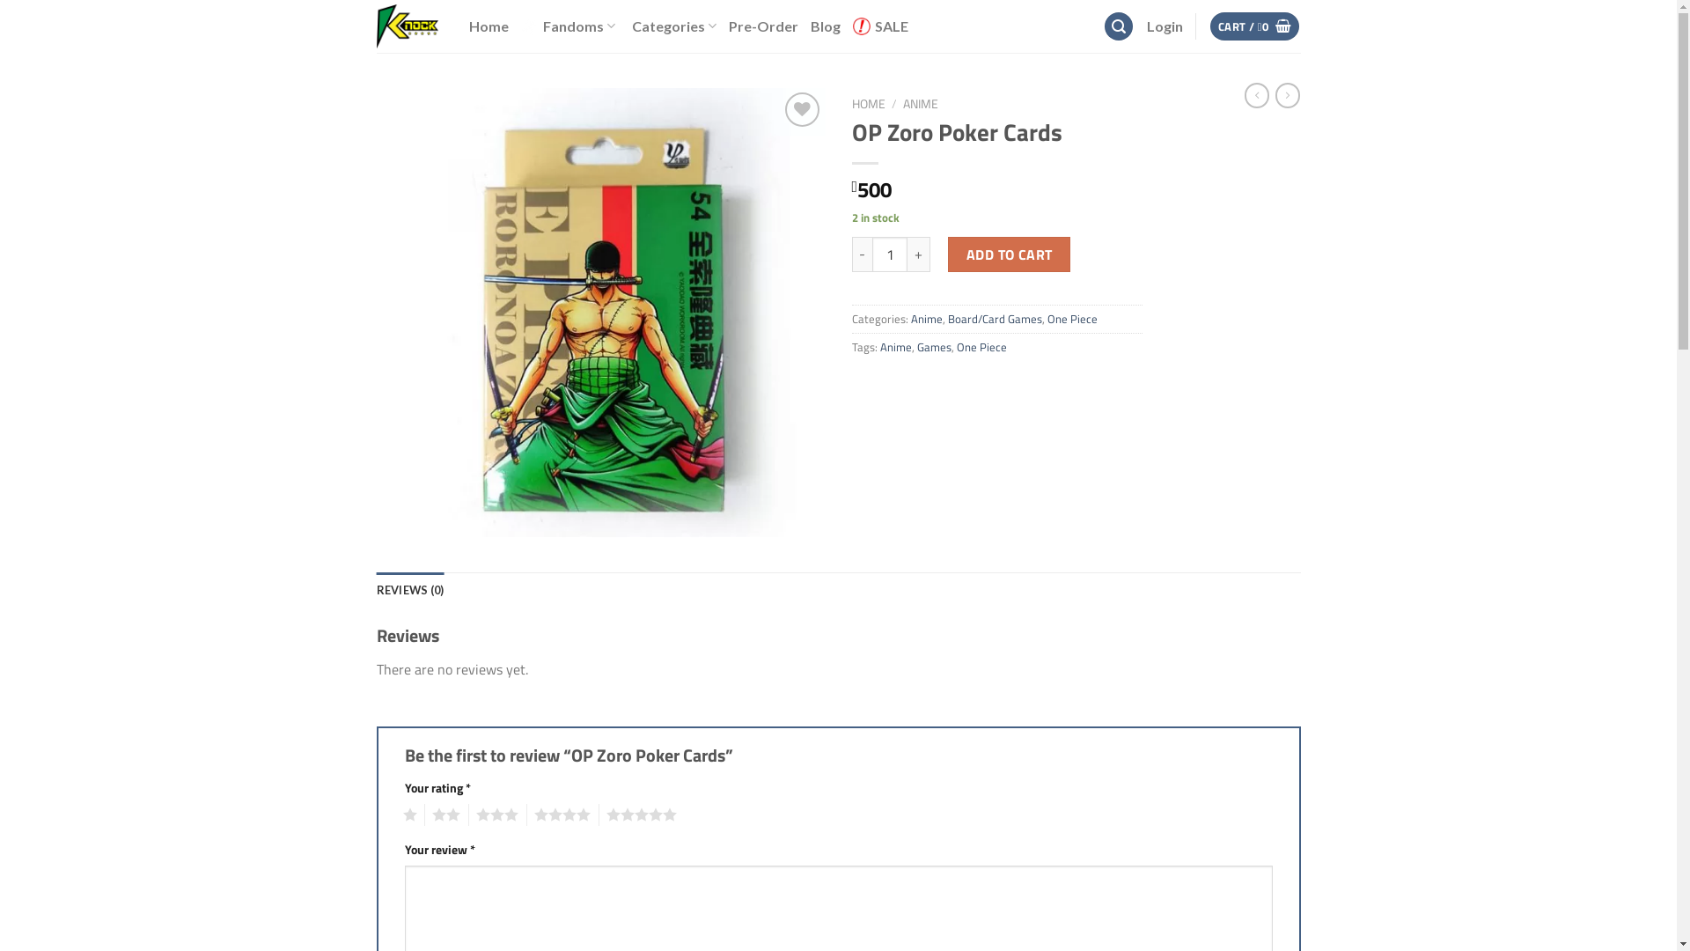  What do you see at coordinates (763, 26) in the screenshot?
I see `'Pre-Order'` at bounding box center [763, 26].